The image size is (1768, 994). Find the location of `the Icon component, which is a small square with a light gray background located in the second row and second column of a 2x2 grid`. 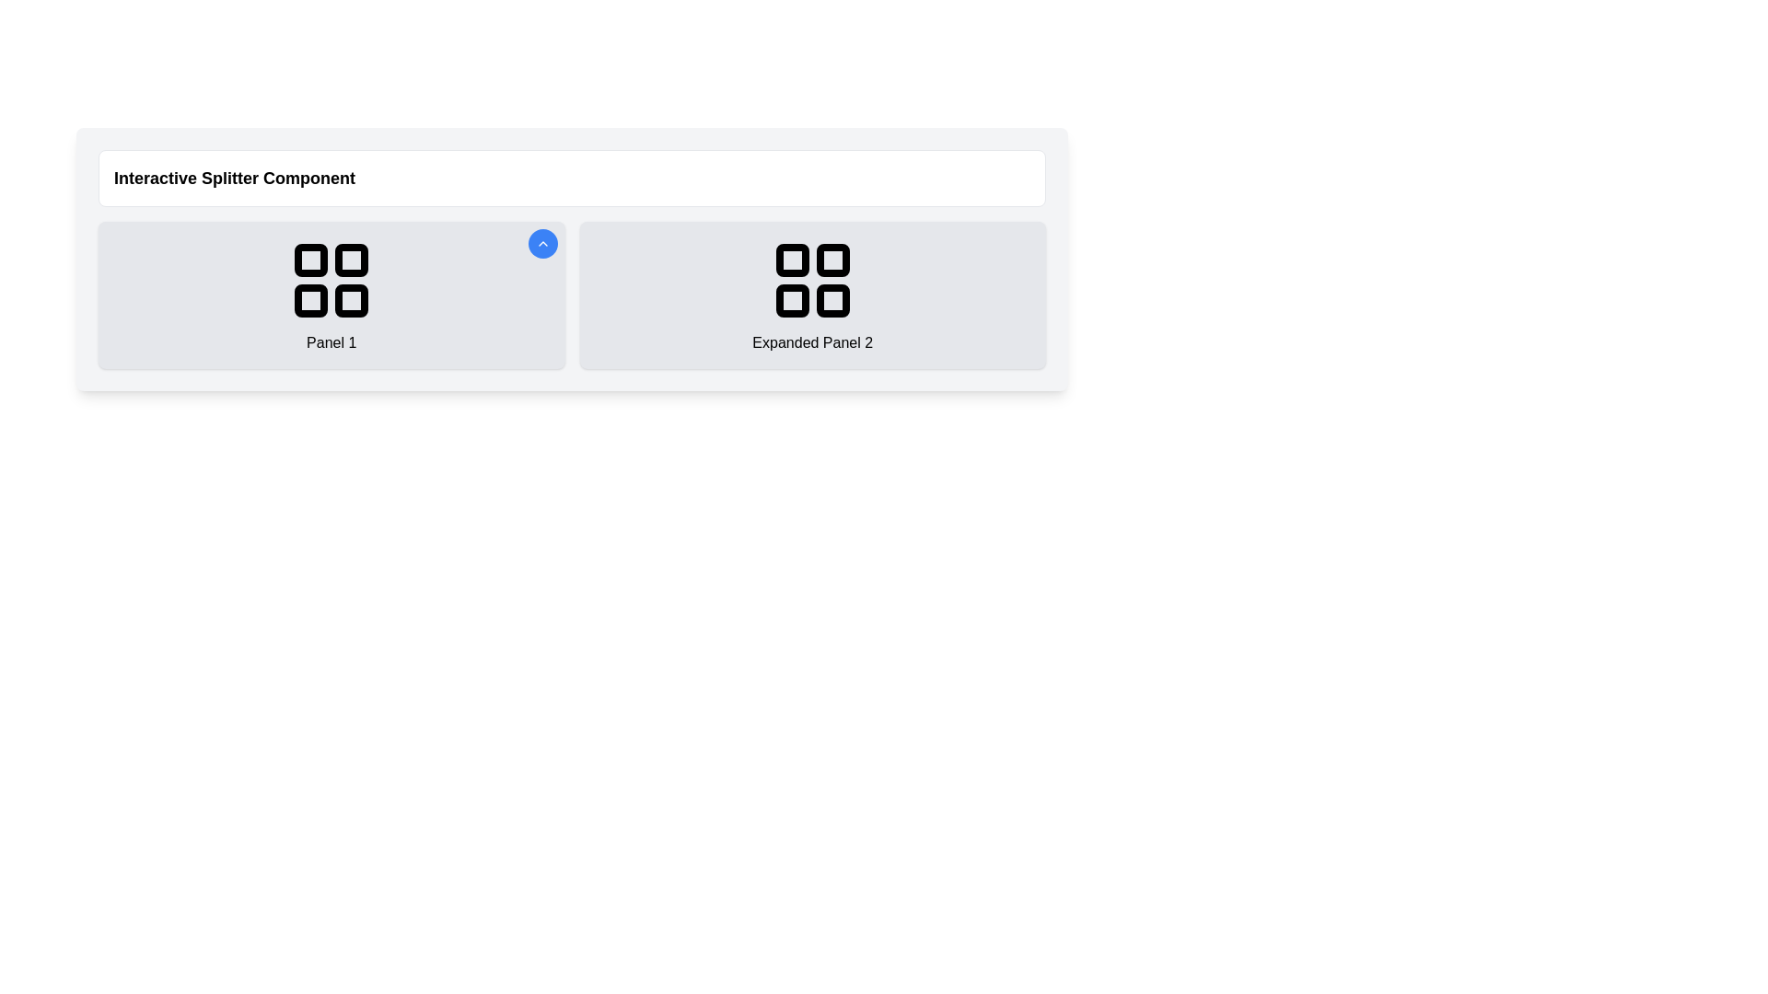

the Icon component, which is a small square with a light gray background located in the second row and second column of a 2x2 grid is located at coordinates (352, 300).